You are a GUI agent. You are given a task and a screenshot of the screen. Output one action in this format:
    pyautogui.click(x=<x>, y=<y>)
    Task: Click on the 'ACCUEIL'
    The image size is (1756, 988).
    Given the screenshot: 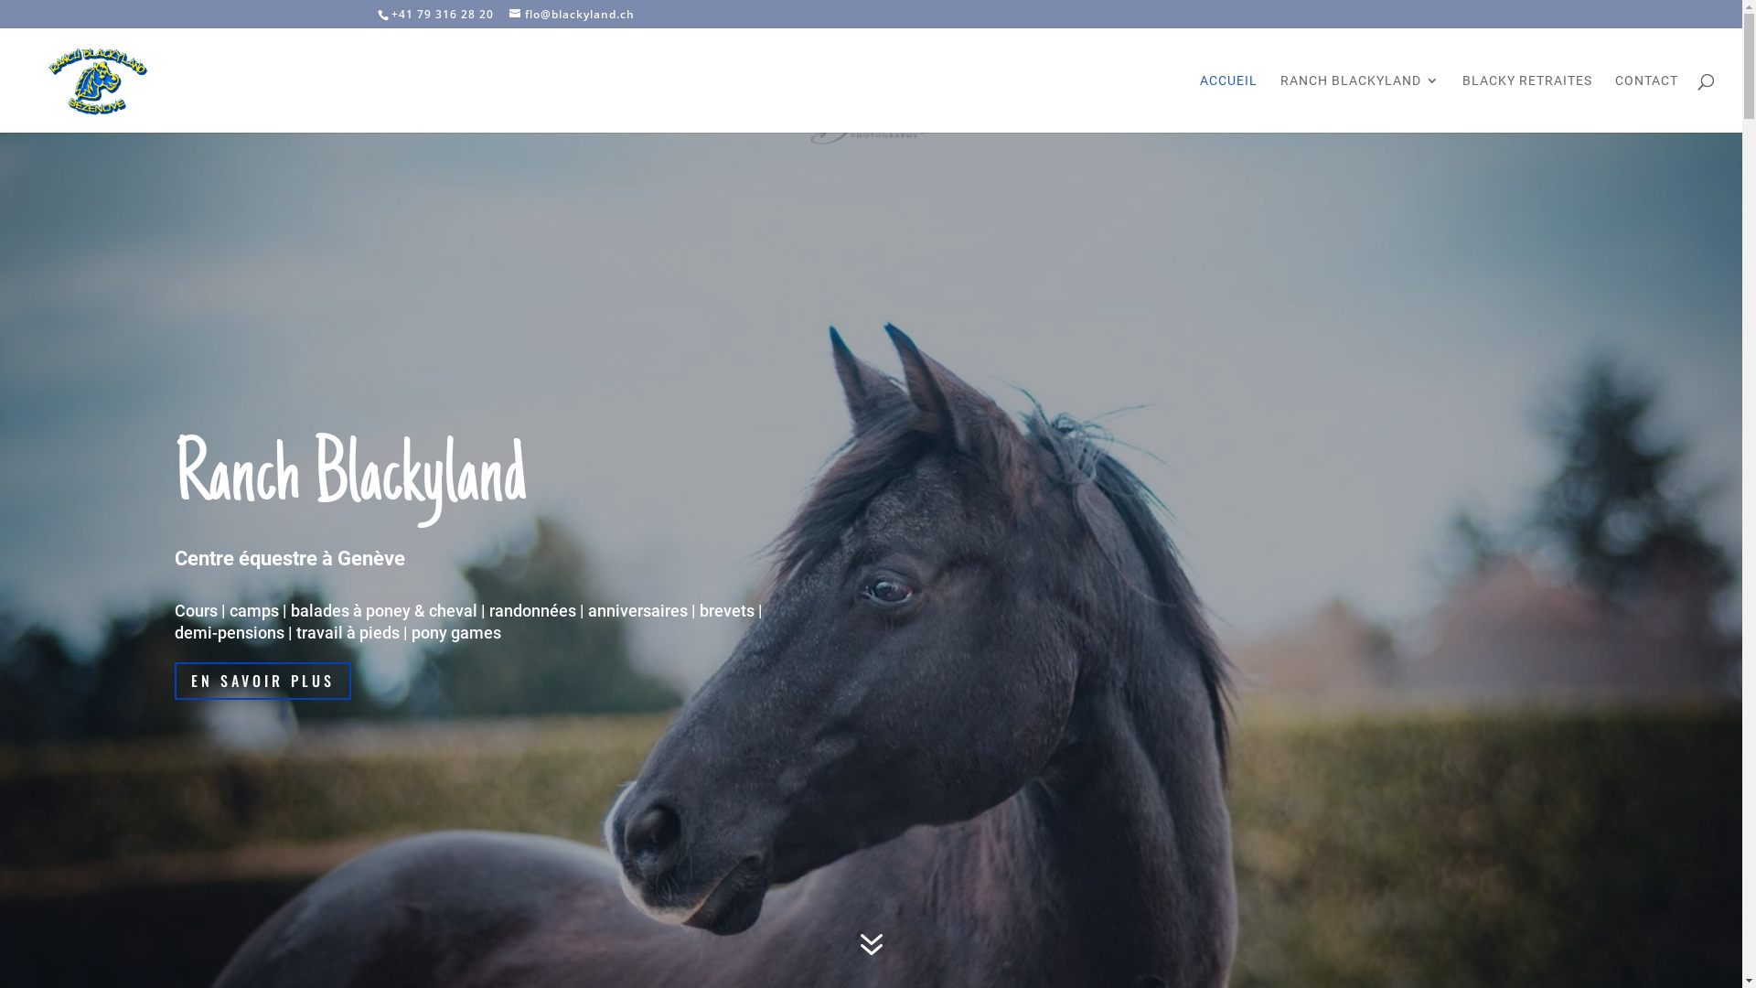 What is the action you would take?
    pyautogui.click(x=1228, y=102)
    